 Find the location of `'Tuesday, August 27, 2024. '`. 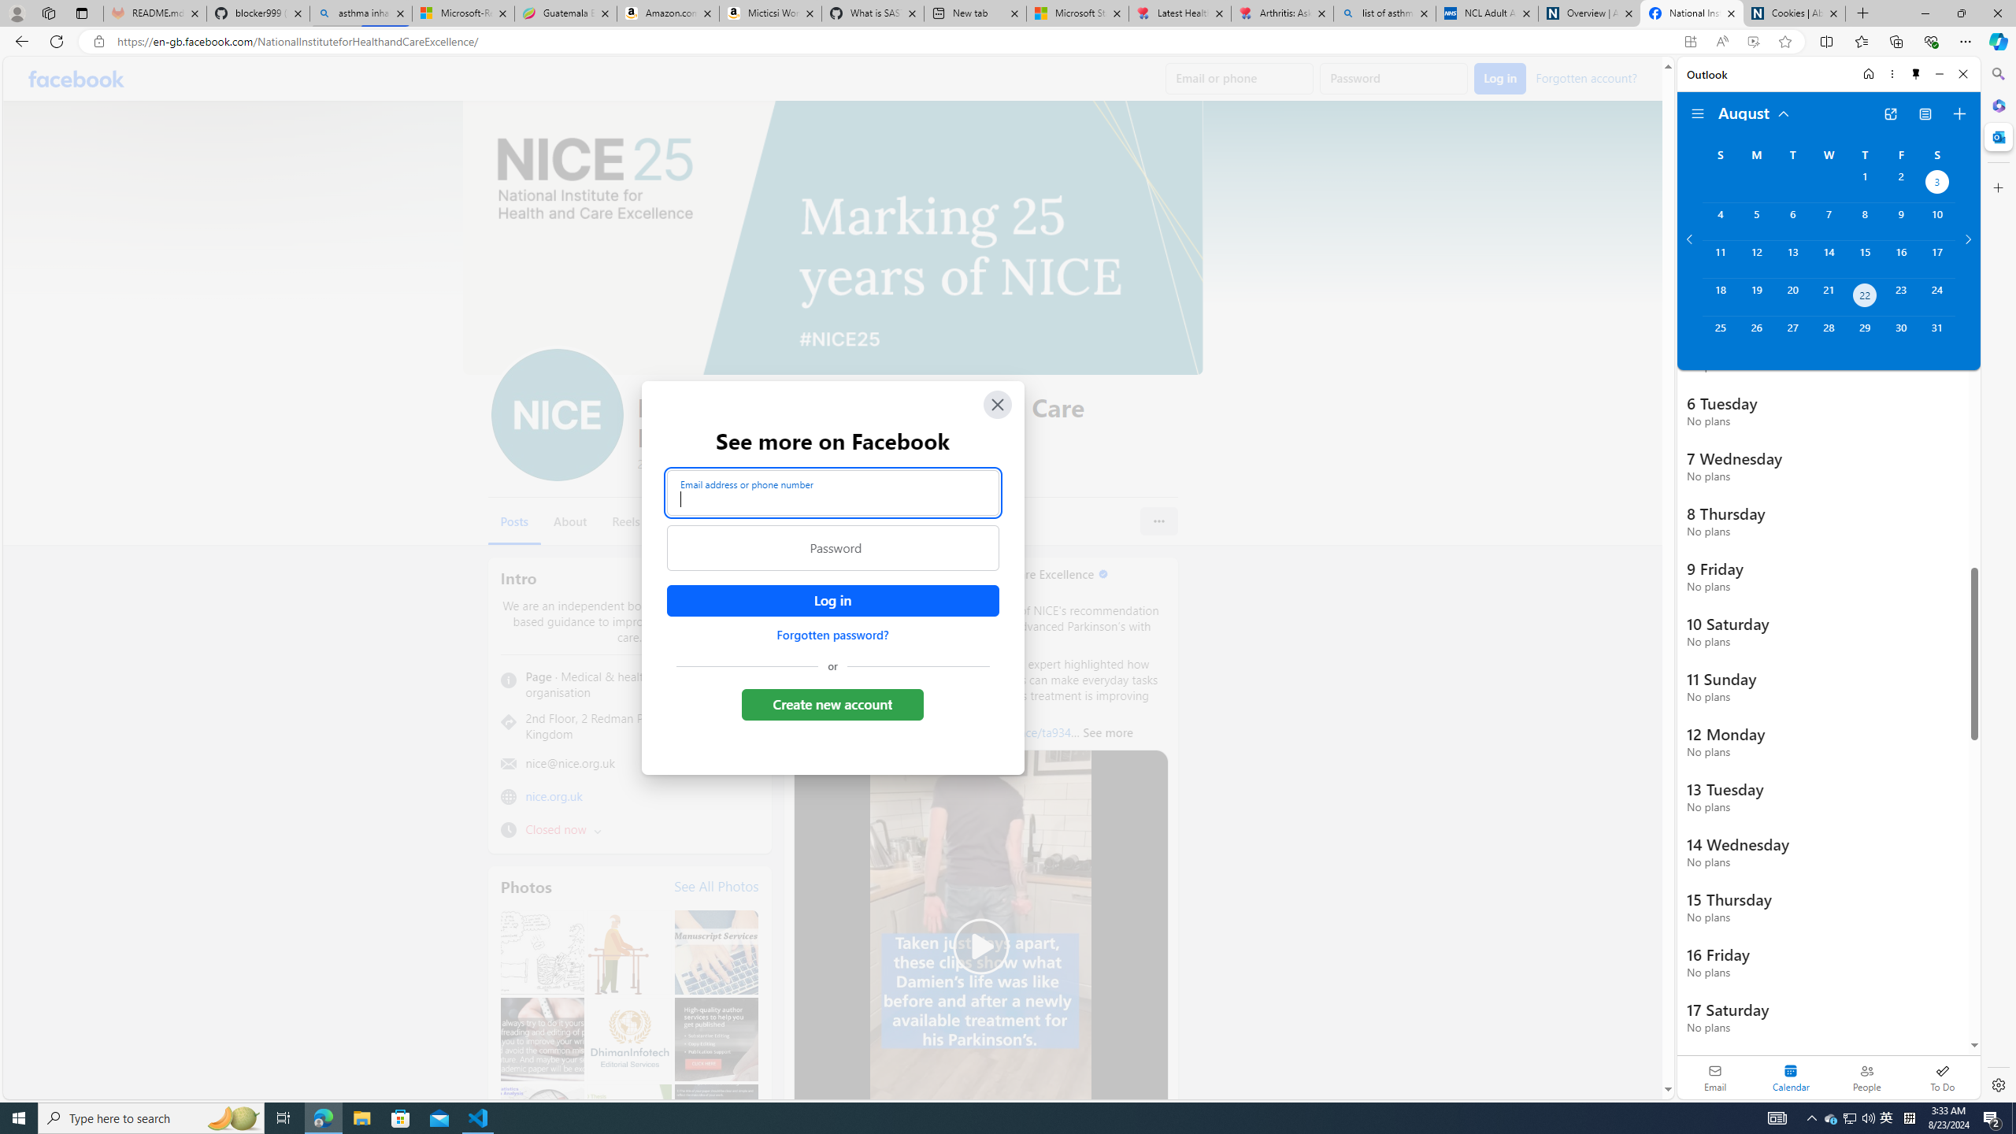

'Tuesday, August 27, 2024. ' is located at coordinates (1791, 335).